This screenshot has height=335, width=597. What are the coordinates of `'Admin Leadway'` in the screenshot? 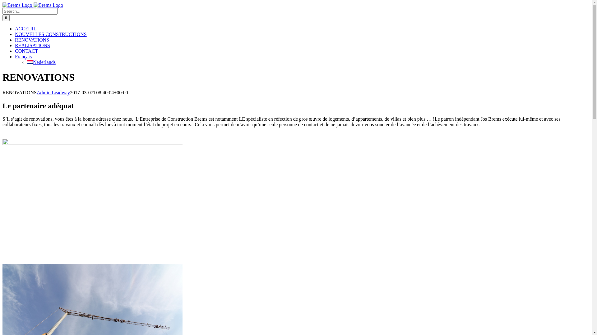 It's located at (53, 92).